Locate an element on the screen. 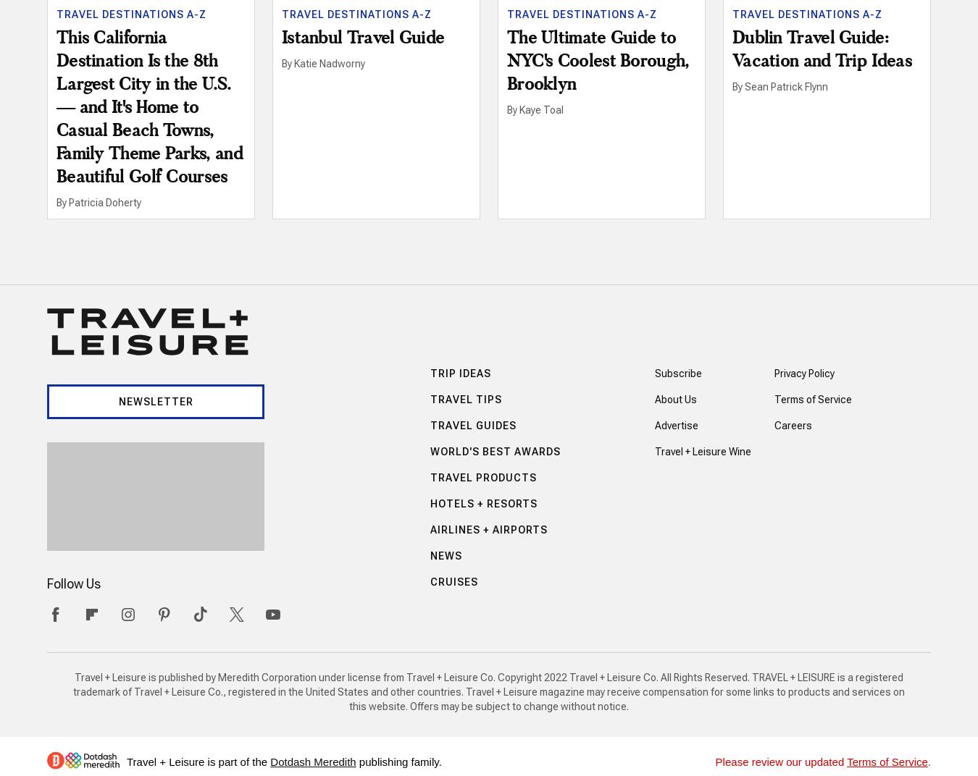 Image resolution: width=978 pixels, height=776 pixels. 'World's Best Awards' is located at coordinates (493, 451).